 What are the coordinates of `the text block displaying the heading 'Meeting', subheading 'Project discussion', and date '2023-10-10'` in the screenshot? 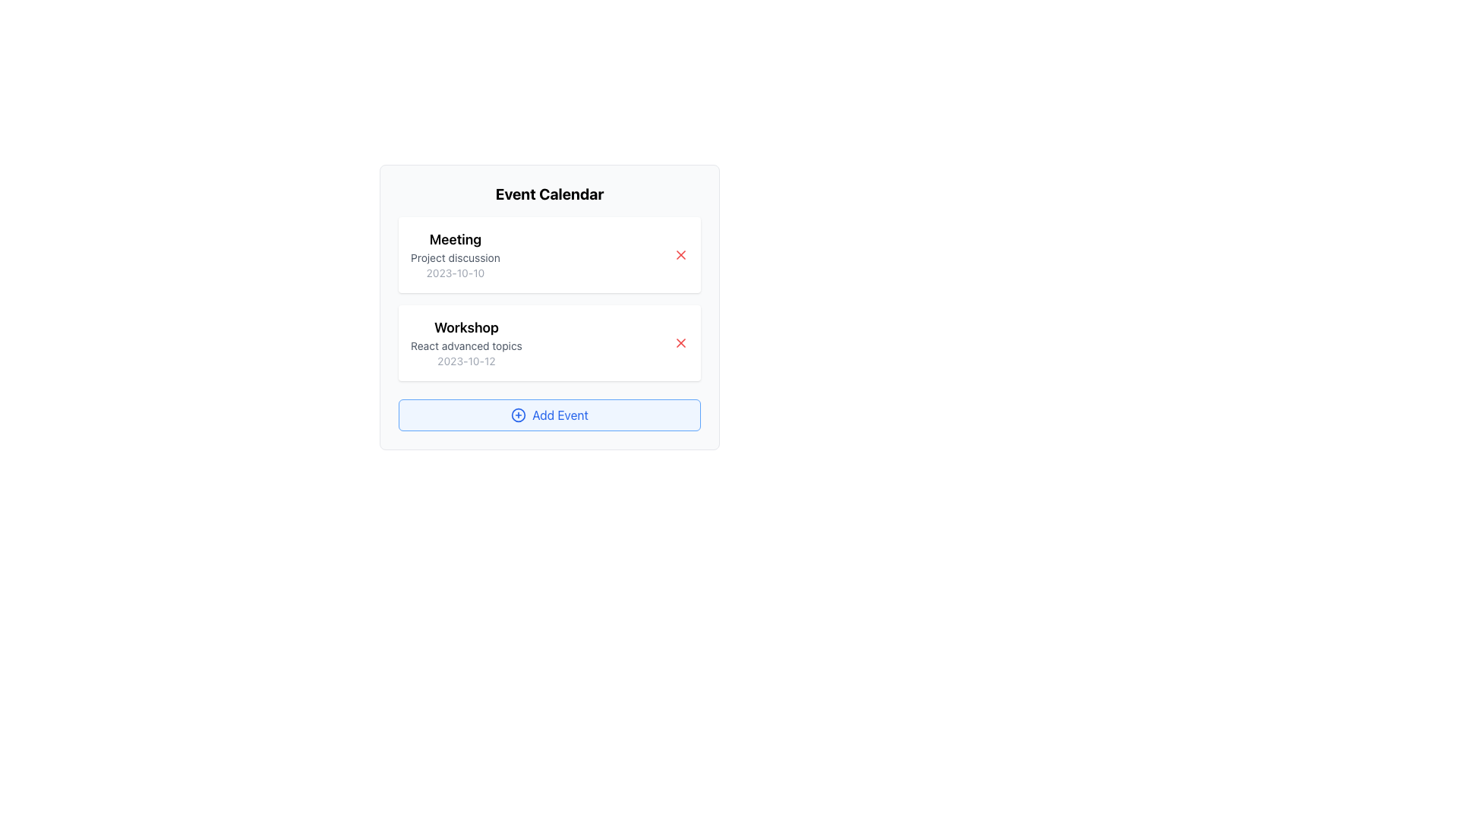 It's located at (455, 254).